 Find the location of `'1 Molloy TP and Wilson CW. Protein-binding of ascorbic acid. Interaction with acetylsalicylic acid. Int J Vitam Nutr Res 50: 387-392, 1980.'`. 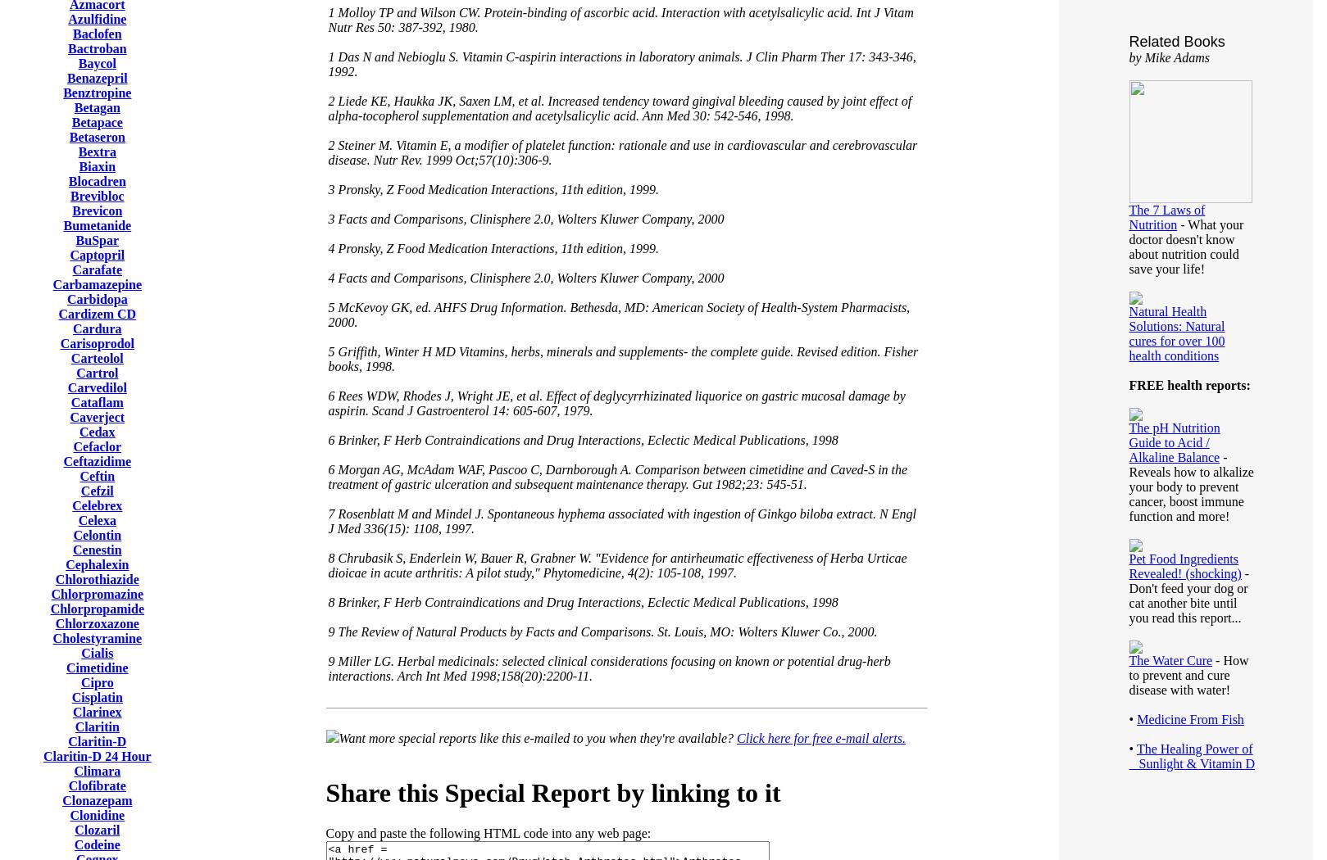

'1 Molloy TP and Wilson CW. Protein-binding of ascorbic acid. Interaction with acetylsalicylic acid. Int J Vitam Nutr Res 50: 387-392, 1980.' is located at coordinates (620, 19).